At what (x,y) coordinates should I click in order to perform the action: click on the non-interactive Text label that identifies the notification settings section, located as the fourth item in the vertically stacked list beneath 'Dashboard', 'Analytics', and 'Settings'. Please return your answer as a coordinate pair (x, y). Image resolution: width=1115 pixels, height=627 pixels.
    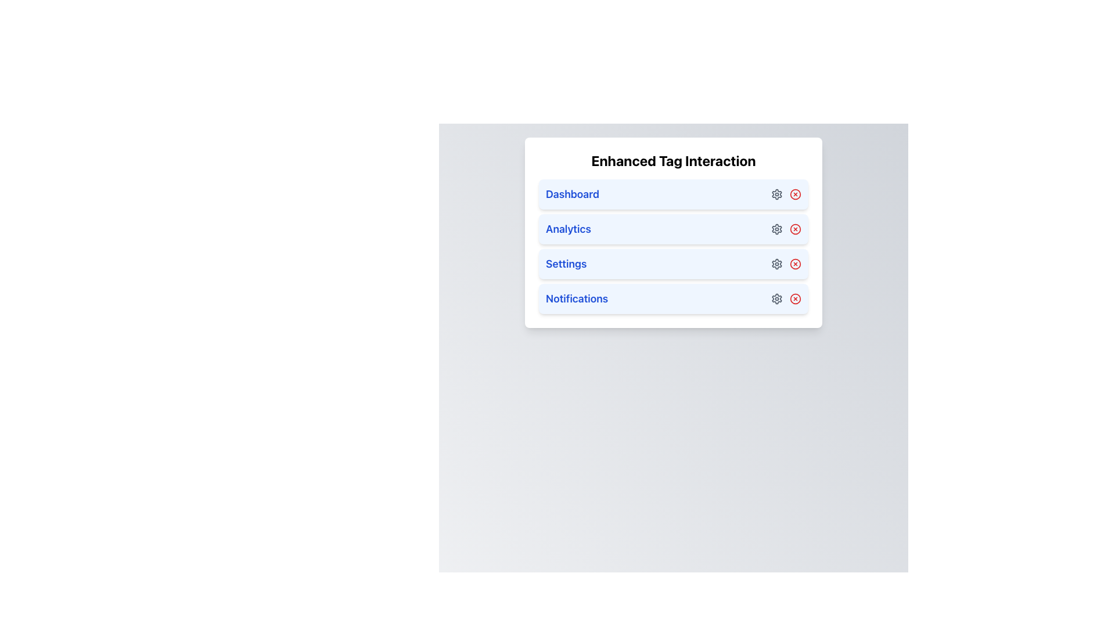
    Looking at the image, I should click on (577, 298).